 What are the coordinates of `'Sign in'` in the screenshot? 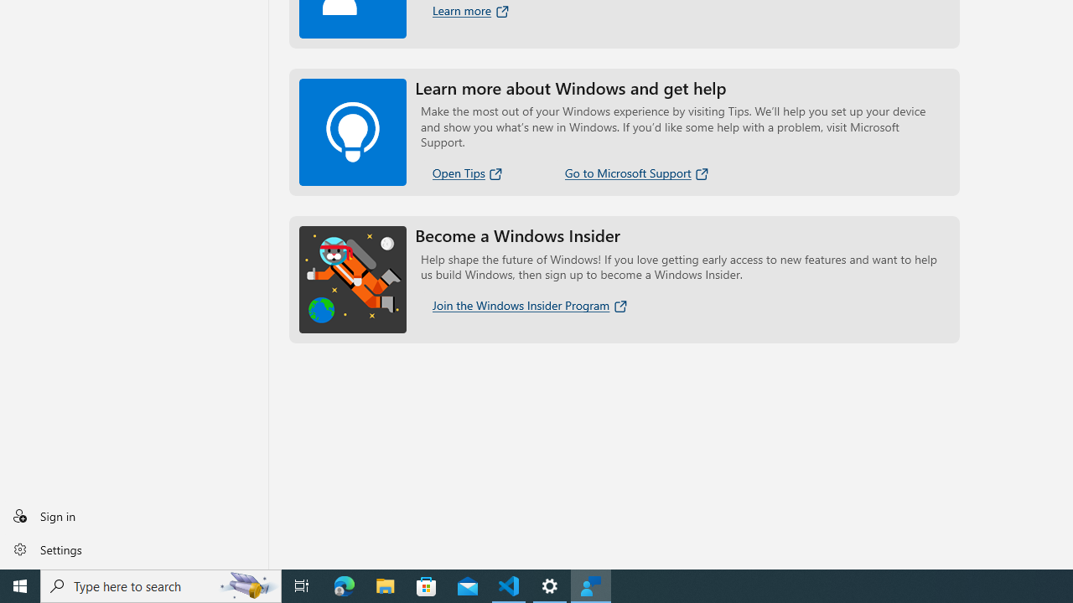 It's located at (134, 515).